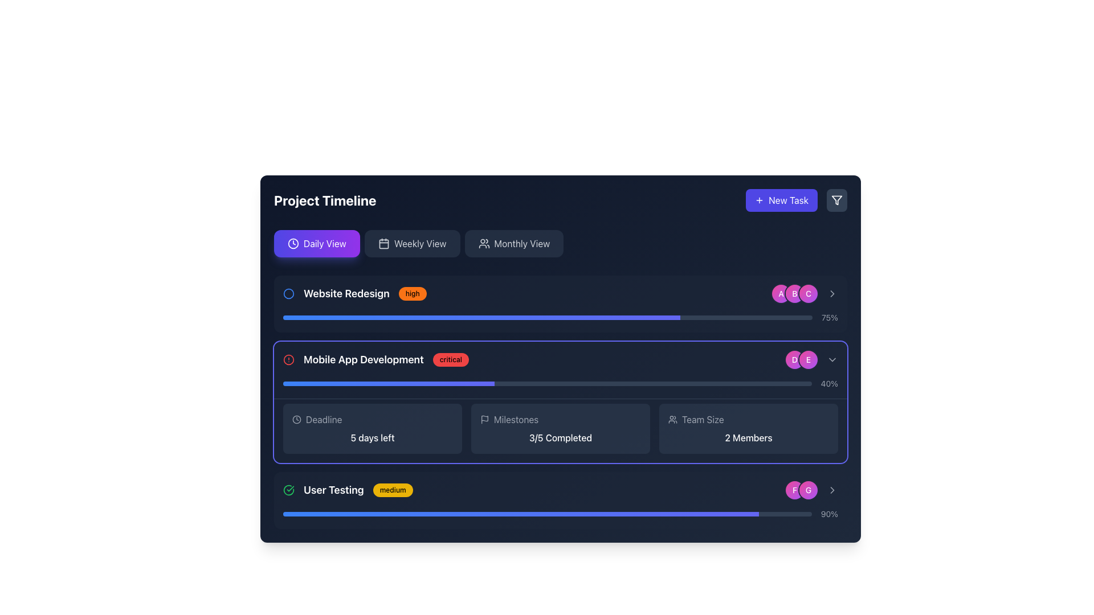 This screenshot has height=615, width=1094. Describe the element at coordinates (796, 199) in the screenshot. I see `the '+ New Task' button with a purple background and white text` at that location.